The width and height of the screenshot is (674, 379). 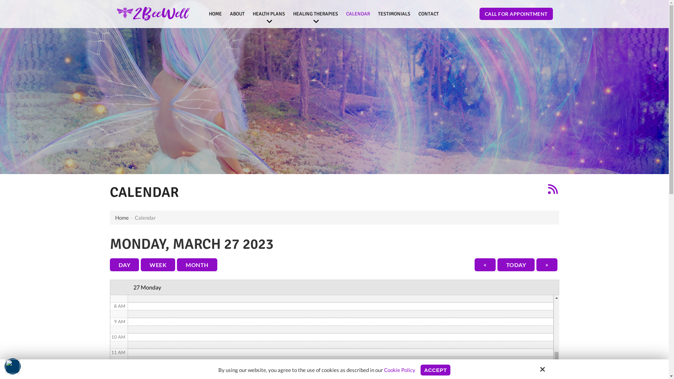 I want to click on 'CALENDAR', so click(x=358, y=14).